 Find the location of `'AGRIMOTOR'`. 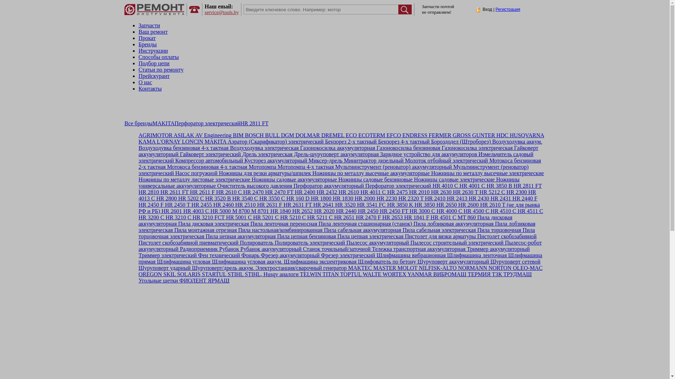

'AGRIMOTOR' is located at coordinates (138, 135).